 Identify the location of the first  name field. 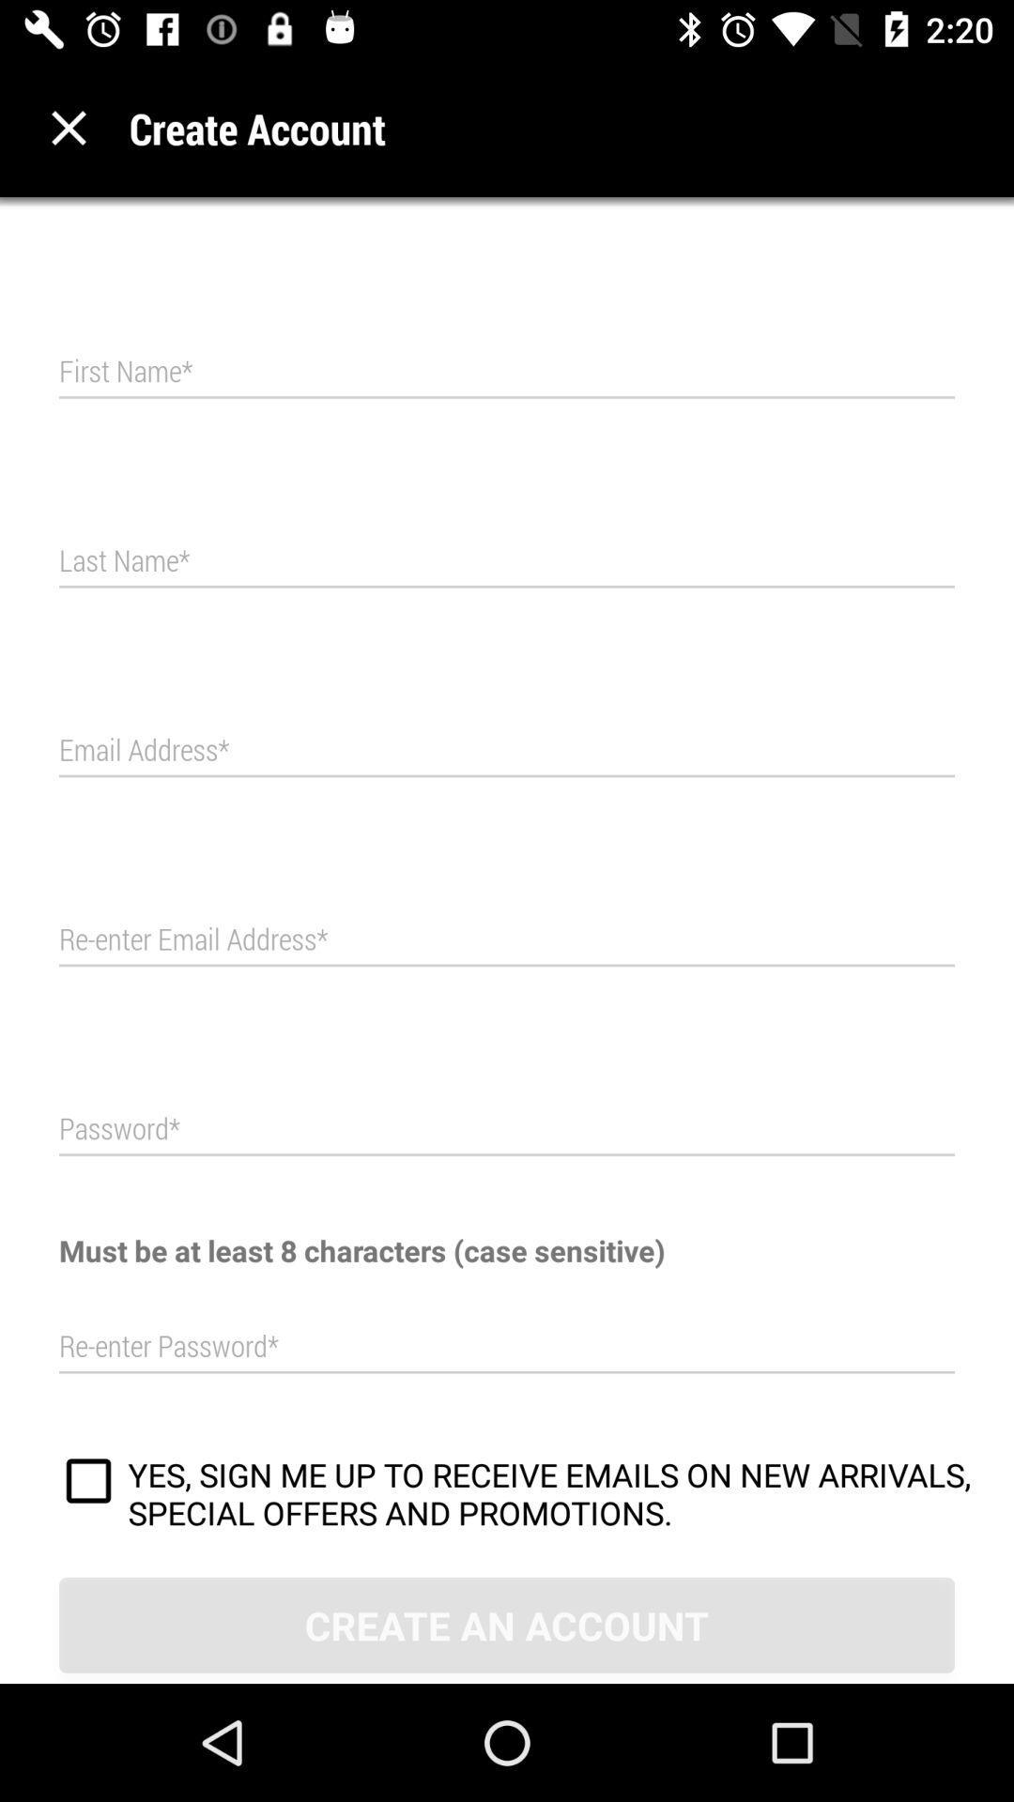
(507, 373).